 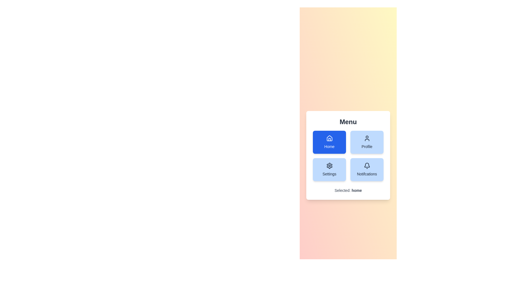 What do you see at coordinates (329, 169) in the screenshot?
I see `the Settings button to select it` at bounding box center [329, 169].